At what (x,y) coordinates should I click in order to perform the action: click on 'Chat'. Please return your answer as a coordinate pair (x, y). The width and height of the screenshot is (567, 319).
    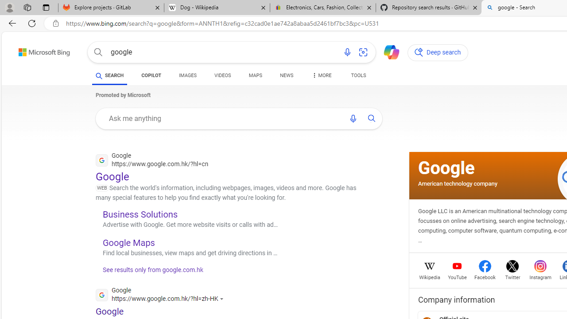
    Looking at the image, I should click on (388, 51).